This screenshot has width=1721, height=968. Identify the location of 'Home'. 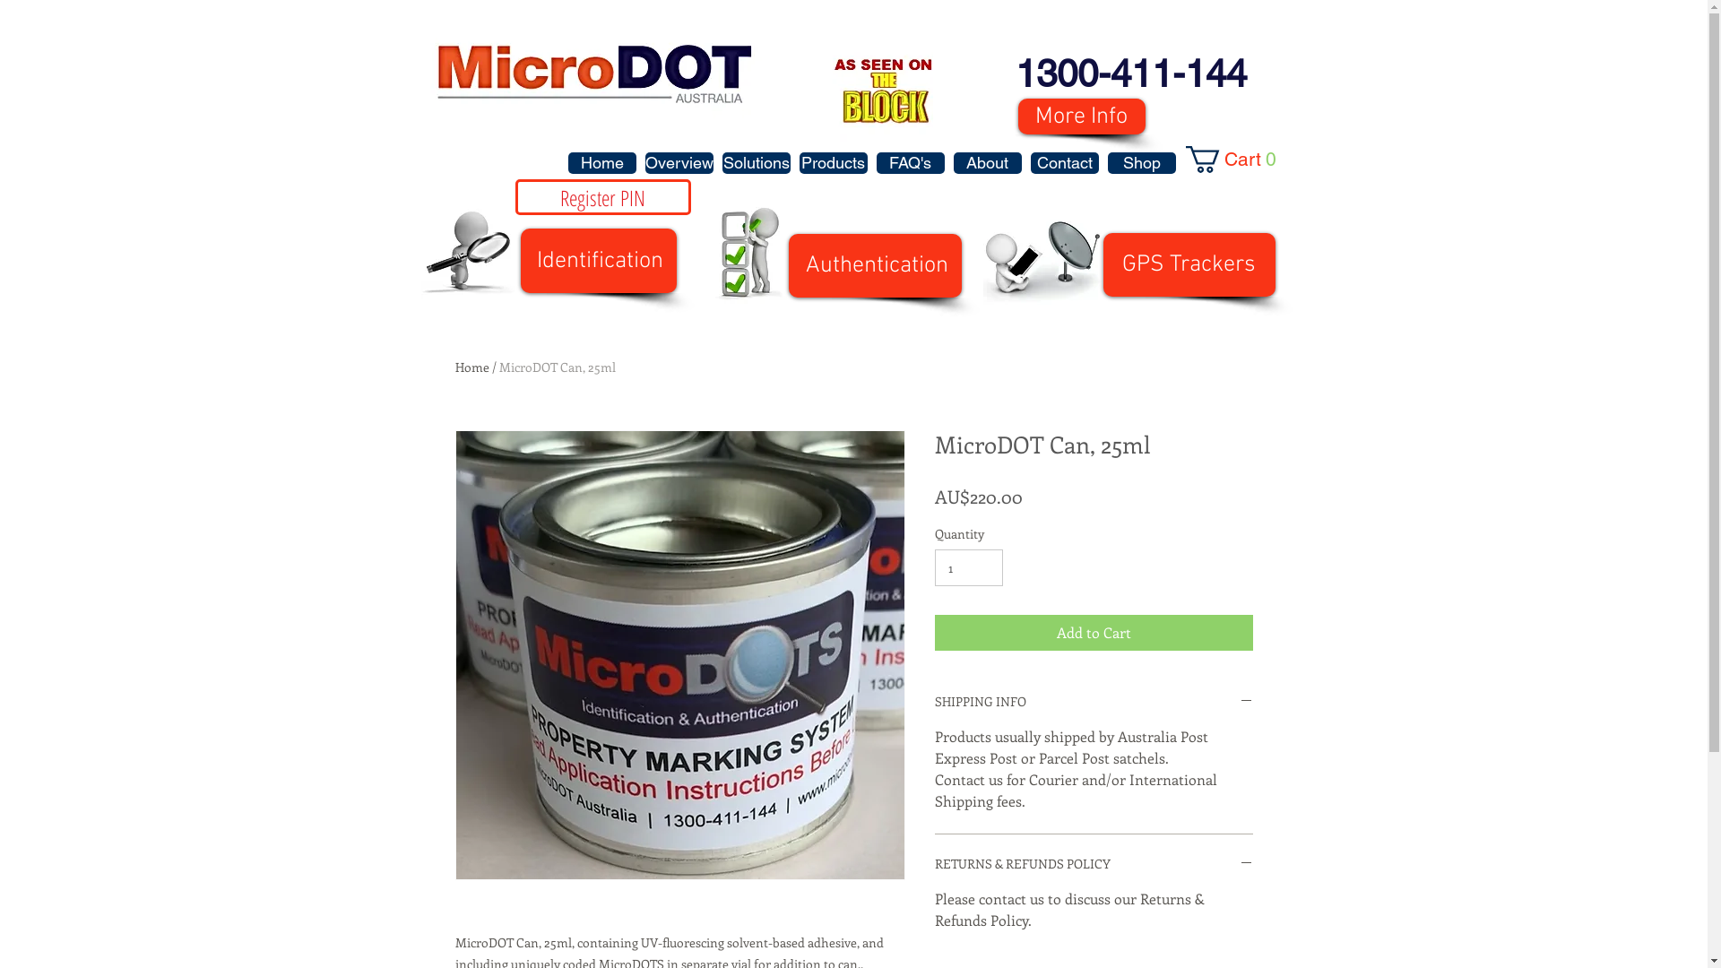
(602, 162).